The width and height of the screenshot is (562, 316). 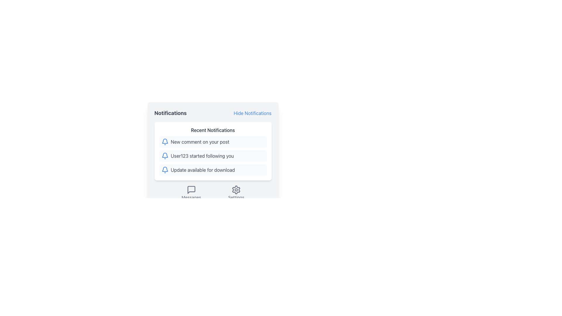 I want to click on the notification label indicating 'User123' has started following the user, located in the second row of the notification list, so click(x=202, y=155).